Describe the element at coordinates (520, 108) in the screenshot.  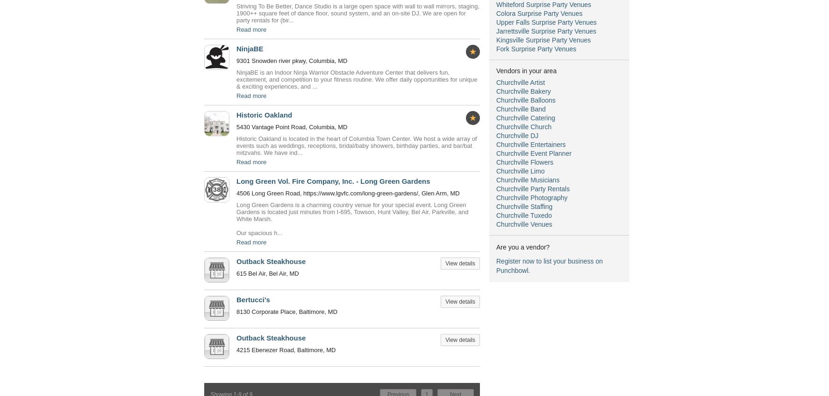
I see `'Churchville Band'` at that location.